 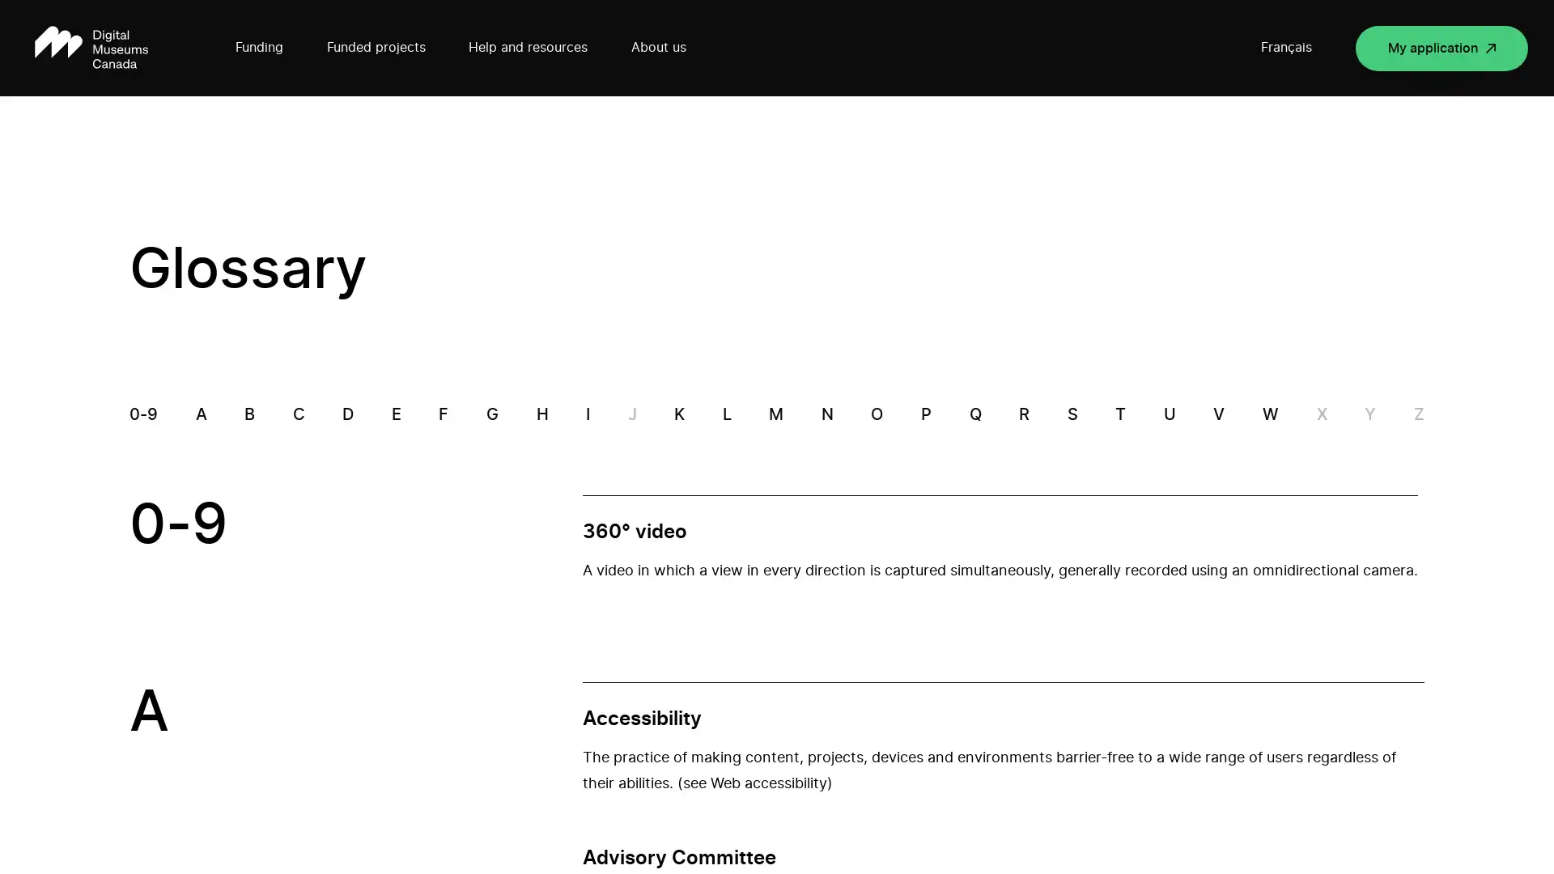 What do you see at coordinates (876, 414) in the screenshot?
I see `O` at bounding box center [876, 414].